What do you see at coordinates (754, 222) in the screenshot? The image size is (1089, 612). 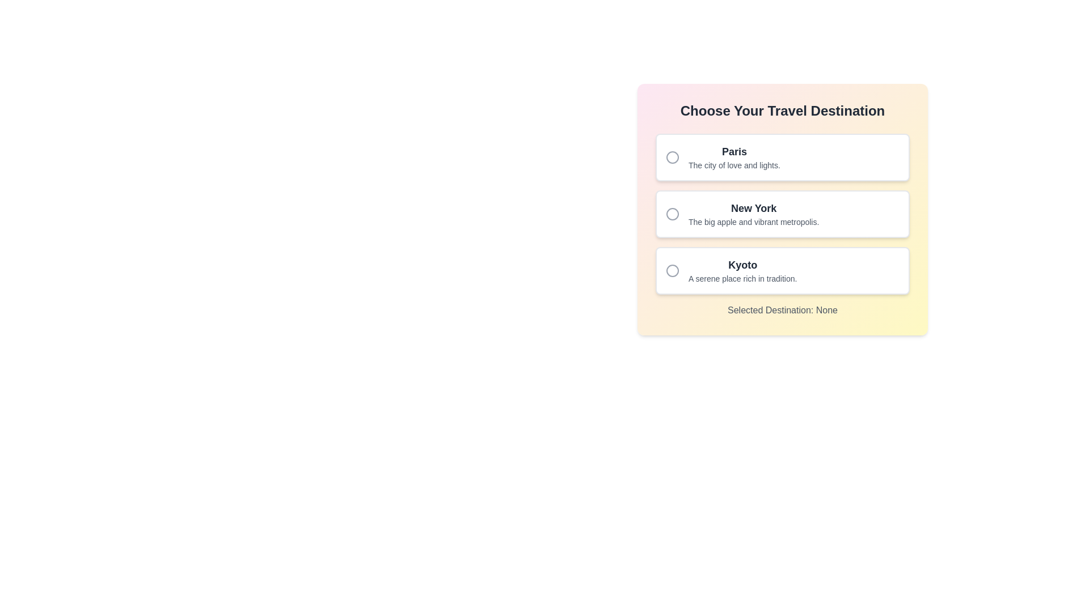 I see `the descriptive text element located beneath the 'New York' title in the travel destination selection interface` at bounding box center [754, 222].